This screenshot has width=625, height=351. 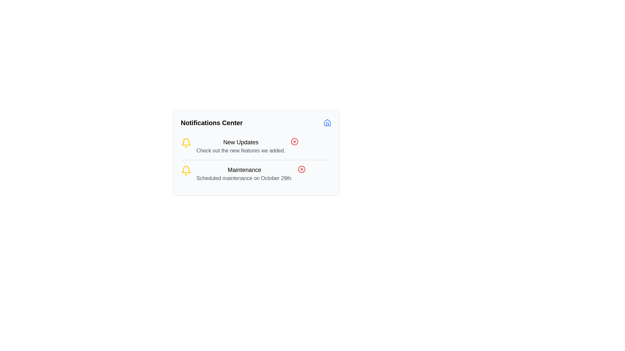 I want to click on the navigation button located at the far-right side of the 'Notifications Center' section header, so click(x=327, y=123).